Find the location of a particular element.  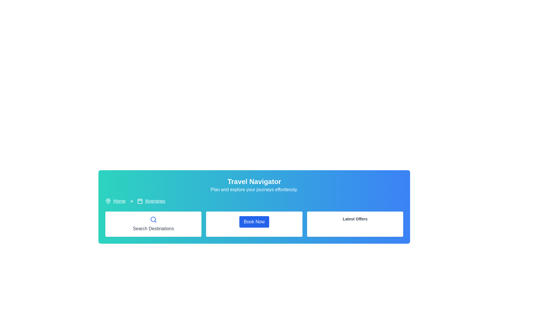

the 'Home' icon in the breadcrumb navigation bar, which is visually represented as an SVG marker design located in the upper left corner next to the 'Home' label is located at coordinates (108, 200).